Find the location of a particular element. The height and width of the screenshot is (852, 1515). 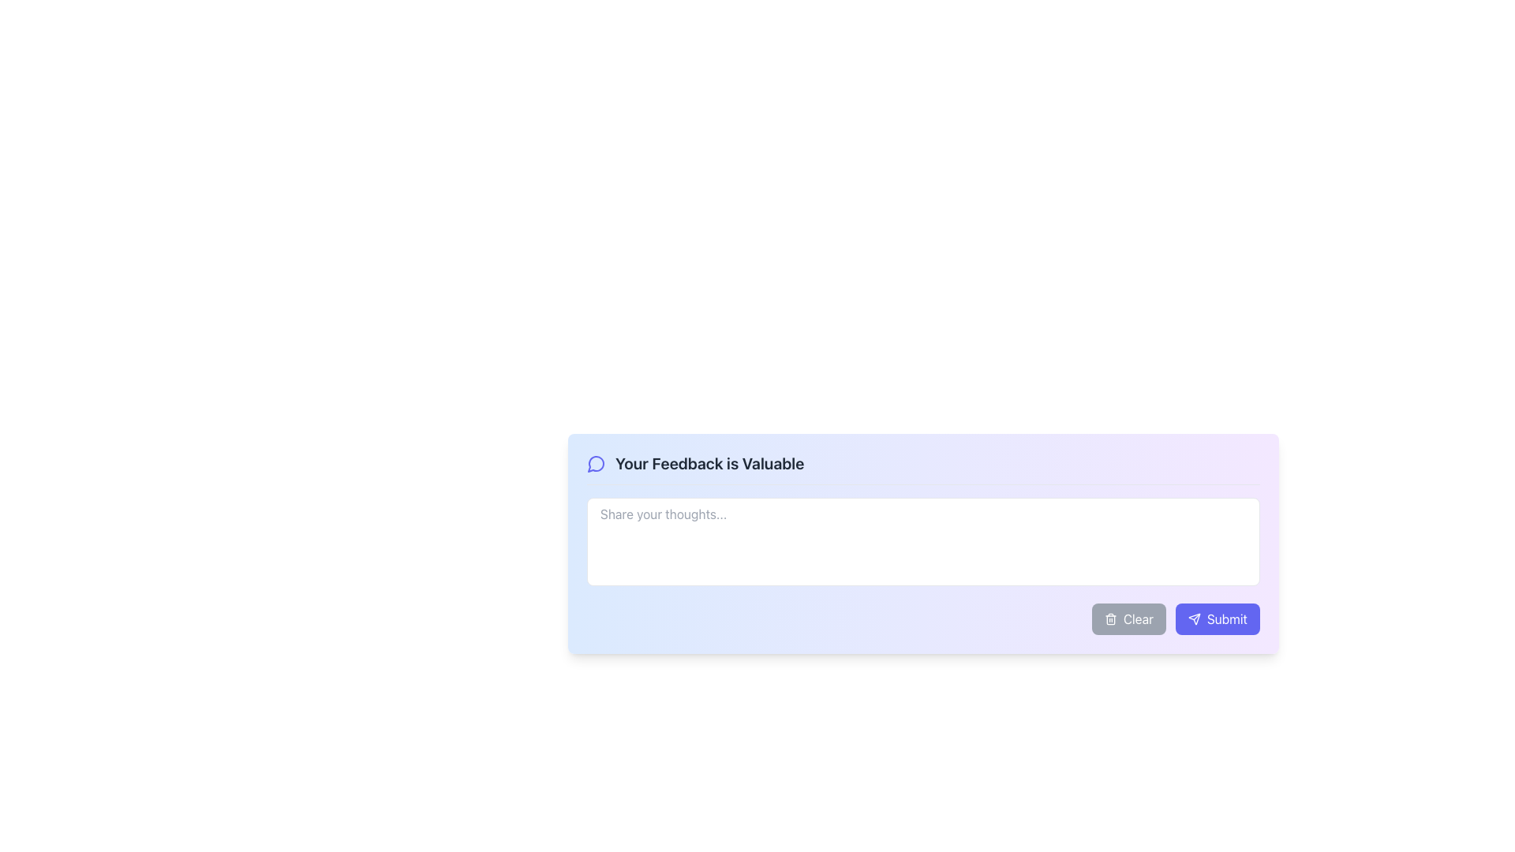

the submit button located at the bottom-right corner of the interface, which is the second button in a panel to the right of the 'Clear' button, to observe a visual change is located at coordinates (1217, 618).